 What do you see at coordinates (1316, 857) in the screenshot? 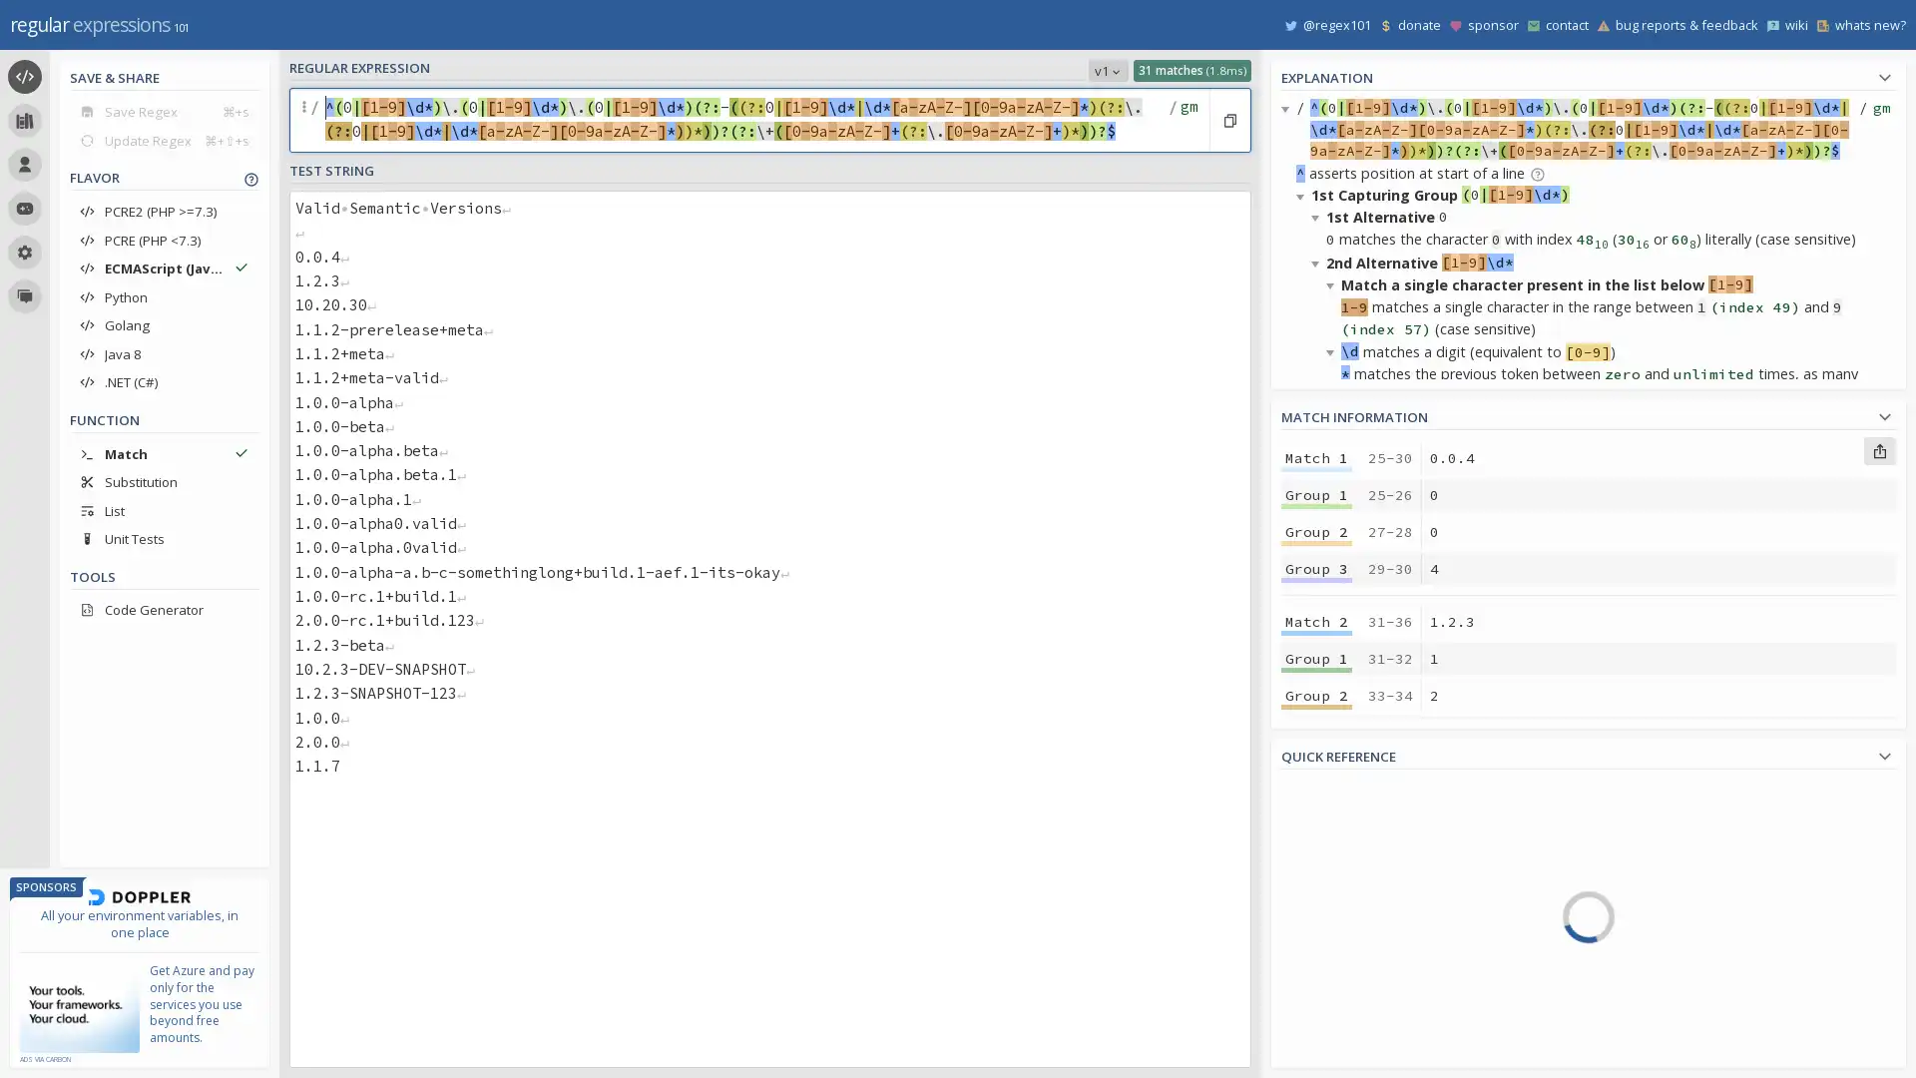
I see `Group 2` at bounding box center [1316, 857].